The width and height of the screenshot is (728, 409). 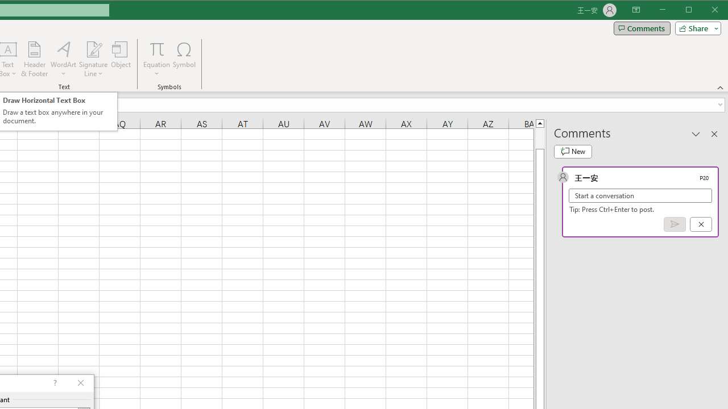 I want to click on 'Maximize', so click(x=704, y=11).